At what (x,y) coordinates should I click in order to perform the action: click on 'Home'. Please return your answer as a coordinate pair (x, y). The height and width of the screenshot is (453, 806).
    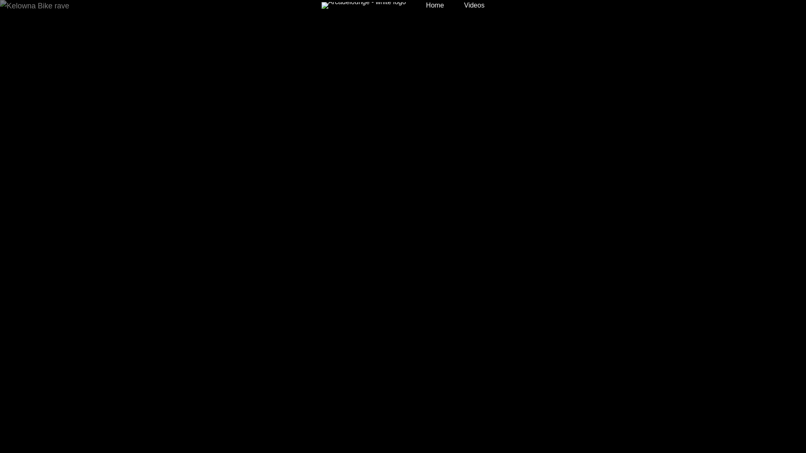
    Looking at the image, I should click on (435, 5).